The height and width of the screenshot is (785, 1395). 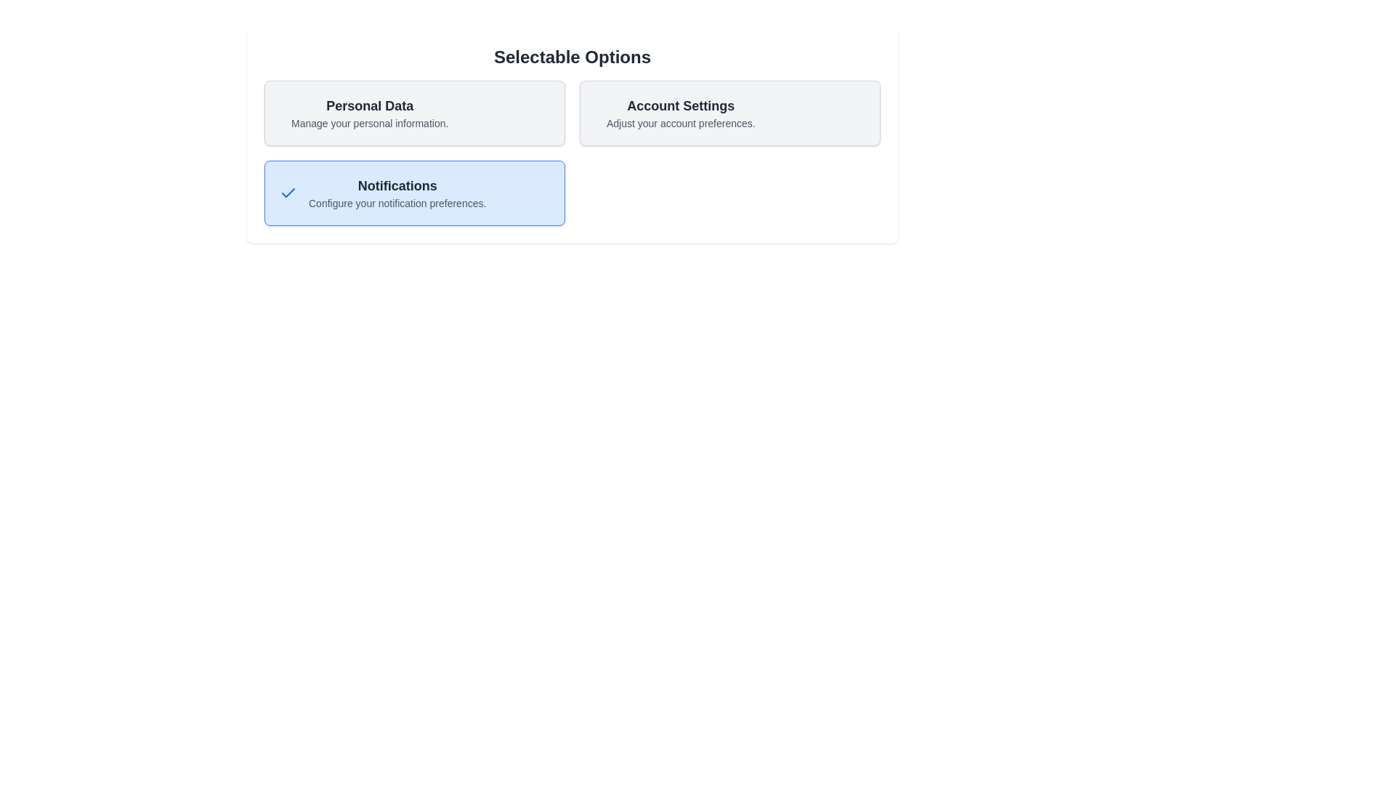 What do you see at coordinates (288, 192) in the screenshot?
I see `the Notifications icon to interpret its visual representation as a selected state` at bounding box center [288, 192].